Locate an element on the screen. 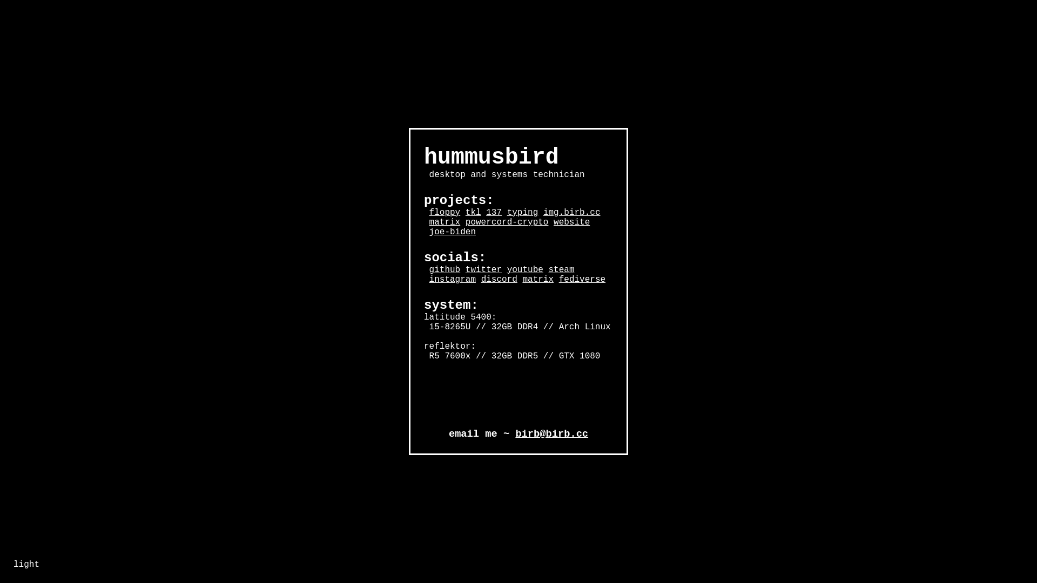 This screenshot has width=1037, height=583. 'birb@birb.cc' is located at coordinates (551, 433).